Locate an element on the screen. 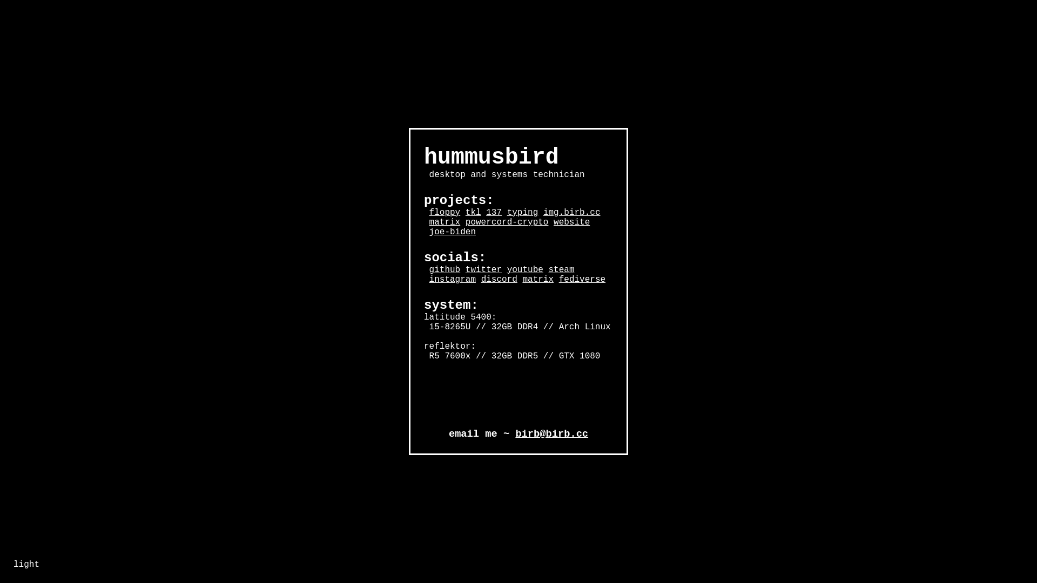 This screenshot has width=1037, height=583. 'birb@birb.cc' is located at coordinates (551, 433).